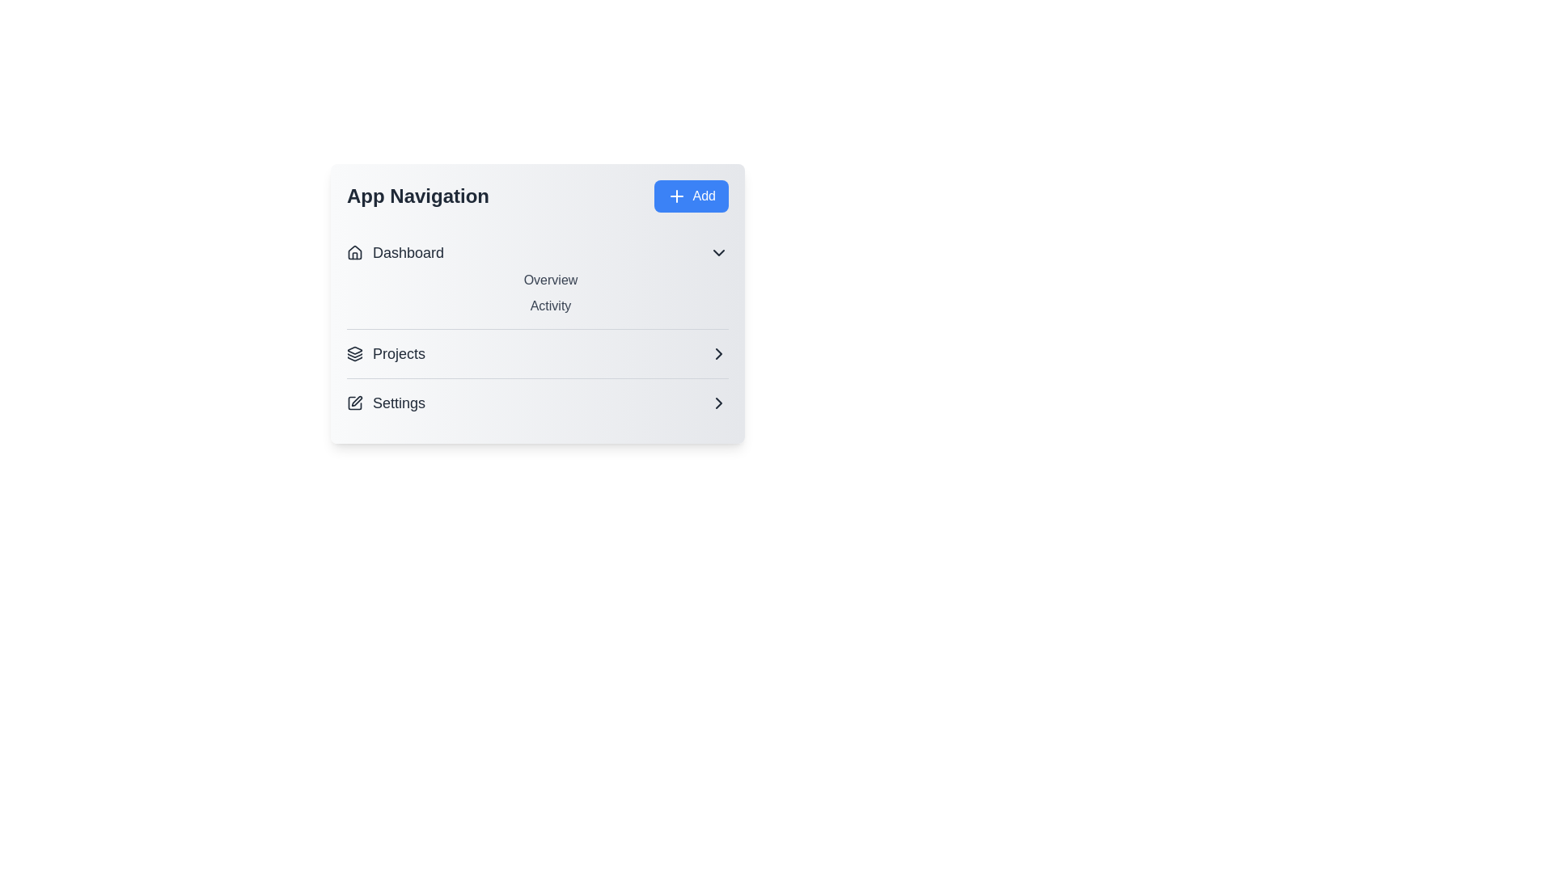  What do you see at coordinates (551, 280) in the screenshot?
I see `the 'Overview' item under 'Dashboard'` at bounding box center [551, 280].